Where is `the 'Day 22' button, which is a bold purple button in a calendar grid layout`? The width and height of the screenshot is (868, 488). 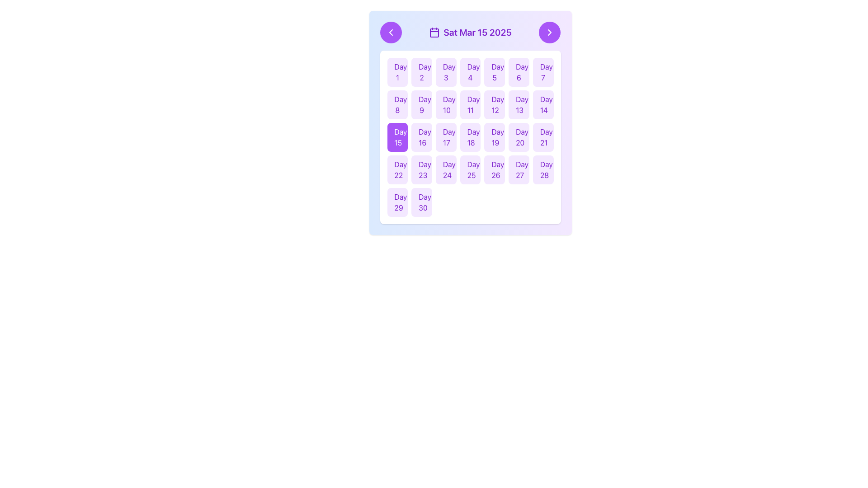
the 'Day 22' button, which is a bold purple button in a calendar grid layout is located at coordinates (397, 169).